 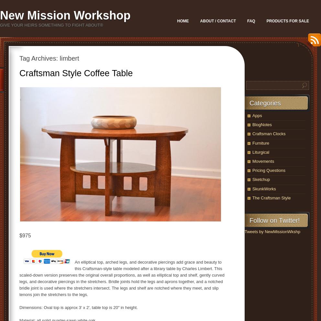 I want to click on 'Tag Archives:', so click(x=39, y=58).